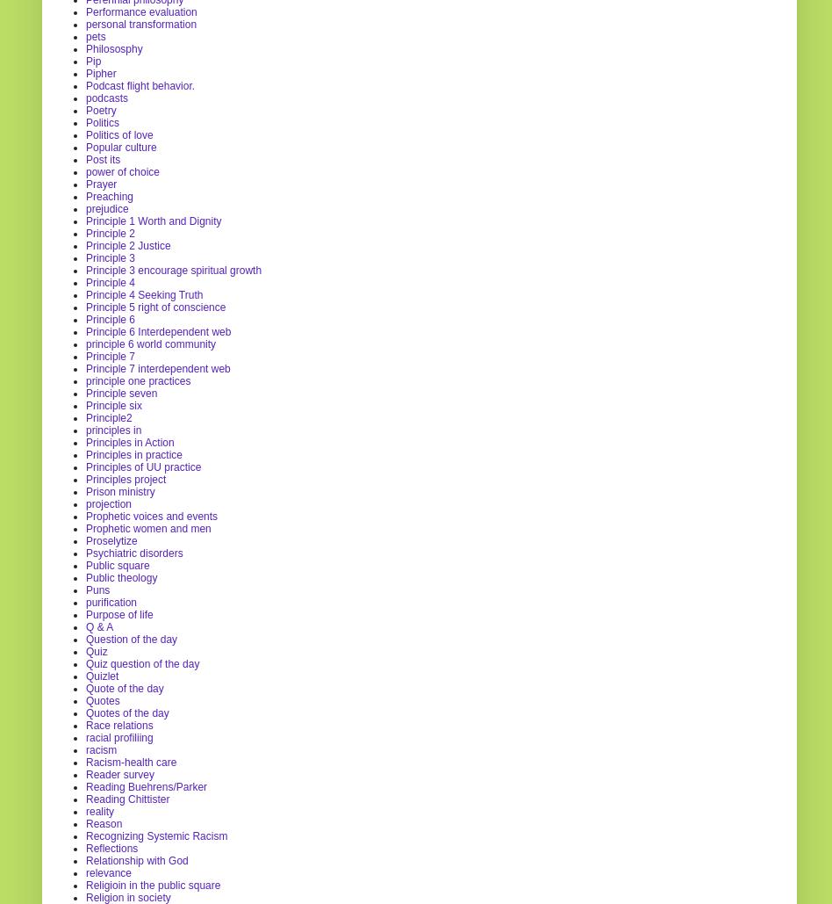 This screenshot has width=832, height=904. What do you see at coordinates (146, 786) in the screenshot?
I see `'Reading Buehrens/Parker'` at bounding box center [146, 786].